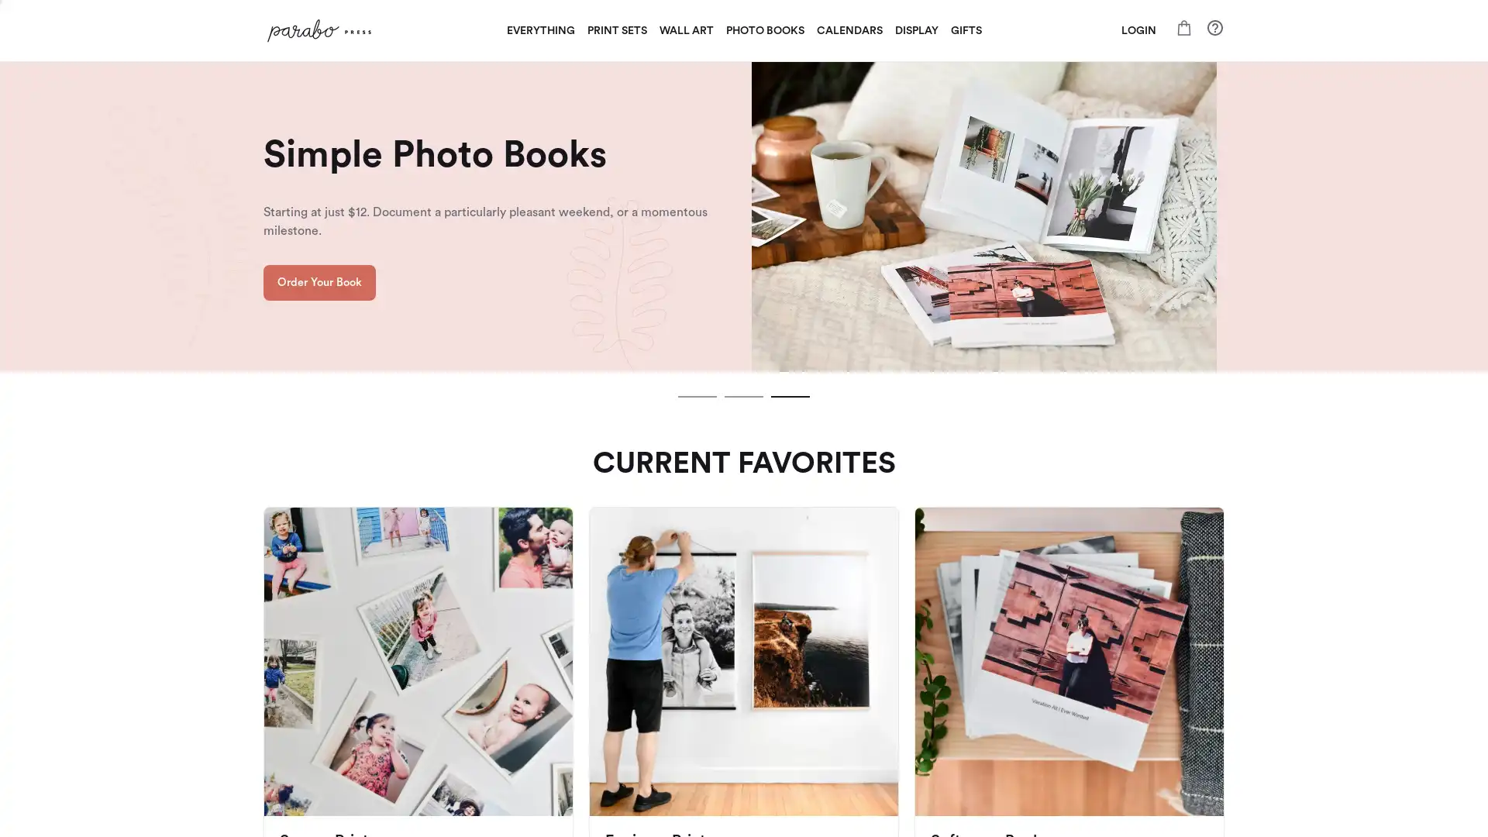 Image resolution: width=1488 pixels, height=837 pixels. I want to click on slide dot, so click(790, 396).